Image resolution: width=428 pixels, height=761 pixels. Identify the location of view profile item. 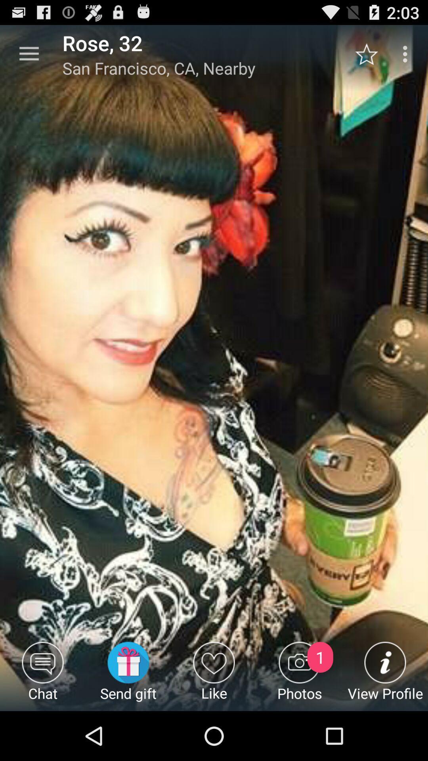
(385, 676).